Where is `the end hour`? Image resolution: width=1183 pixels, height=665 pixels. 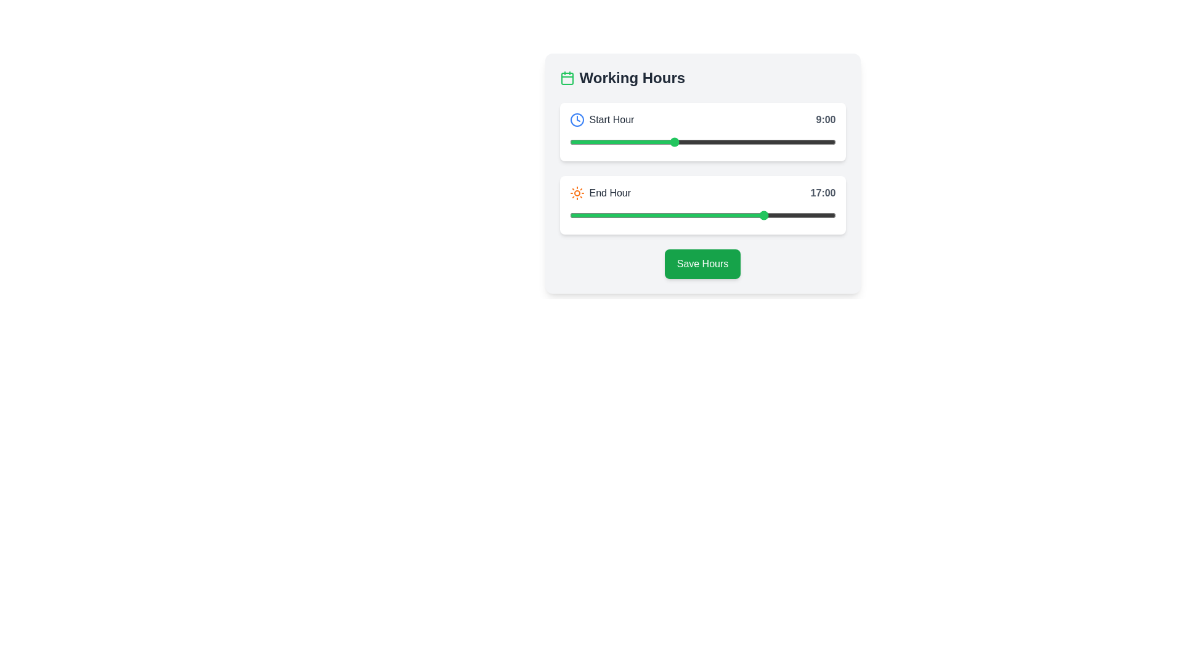 the end hour is located at coordinates (812, 215).